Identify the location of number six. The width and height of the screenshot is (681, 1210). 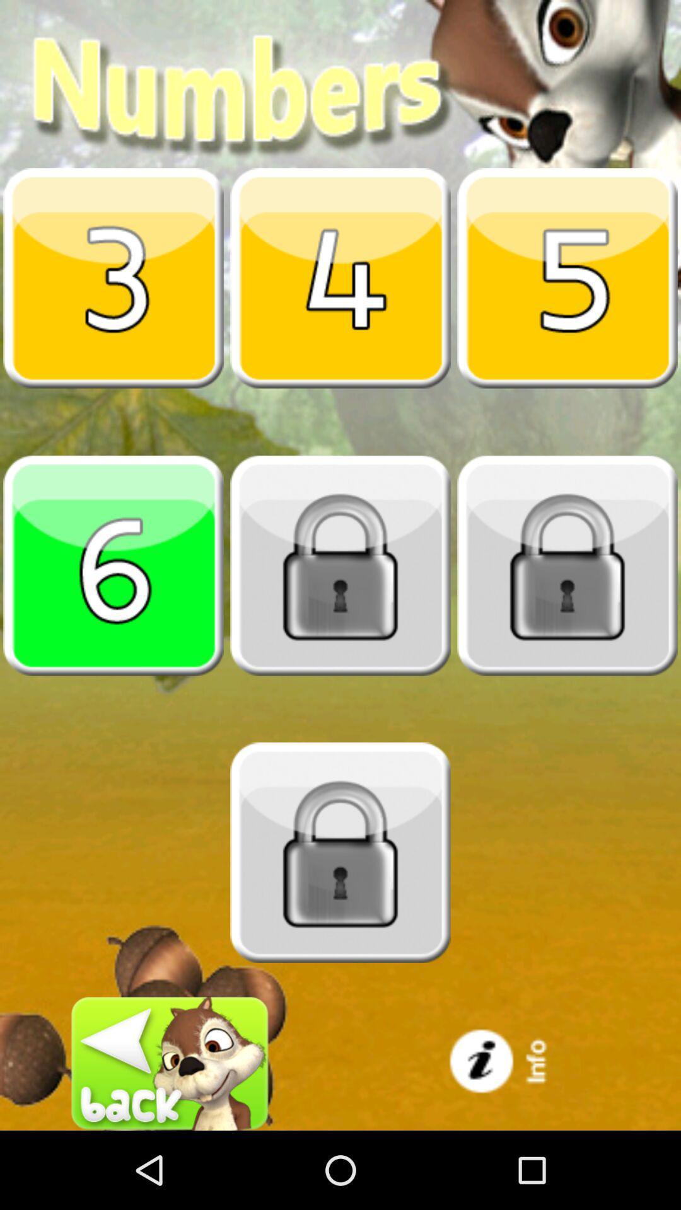
(113, 565).